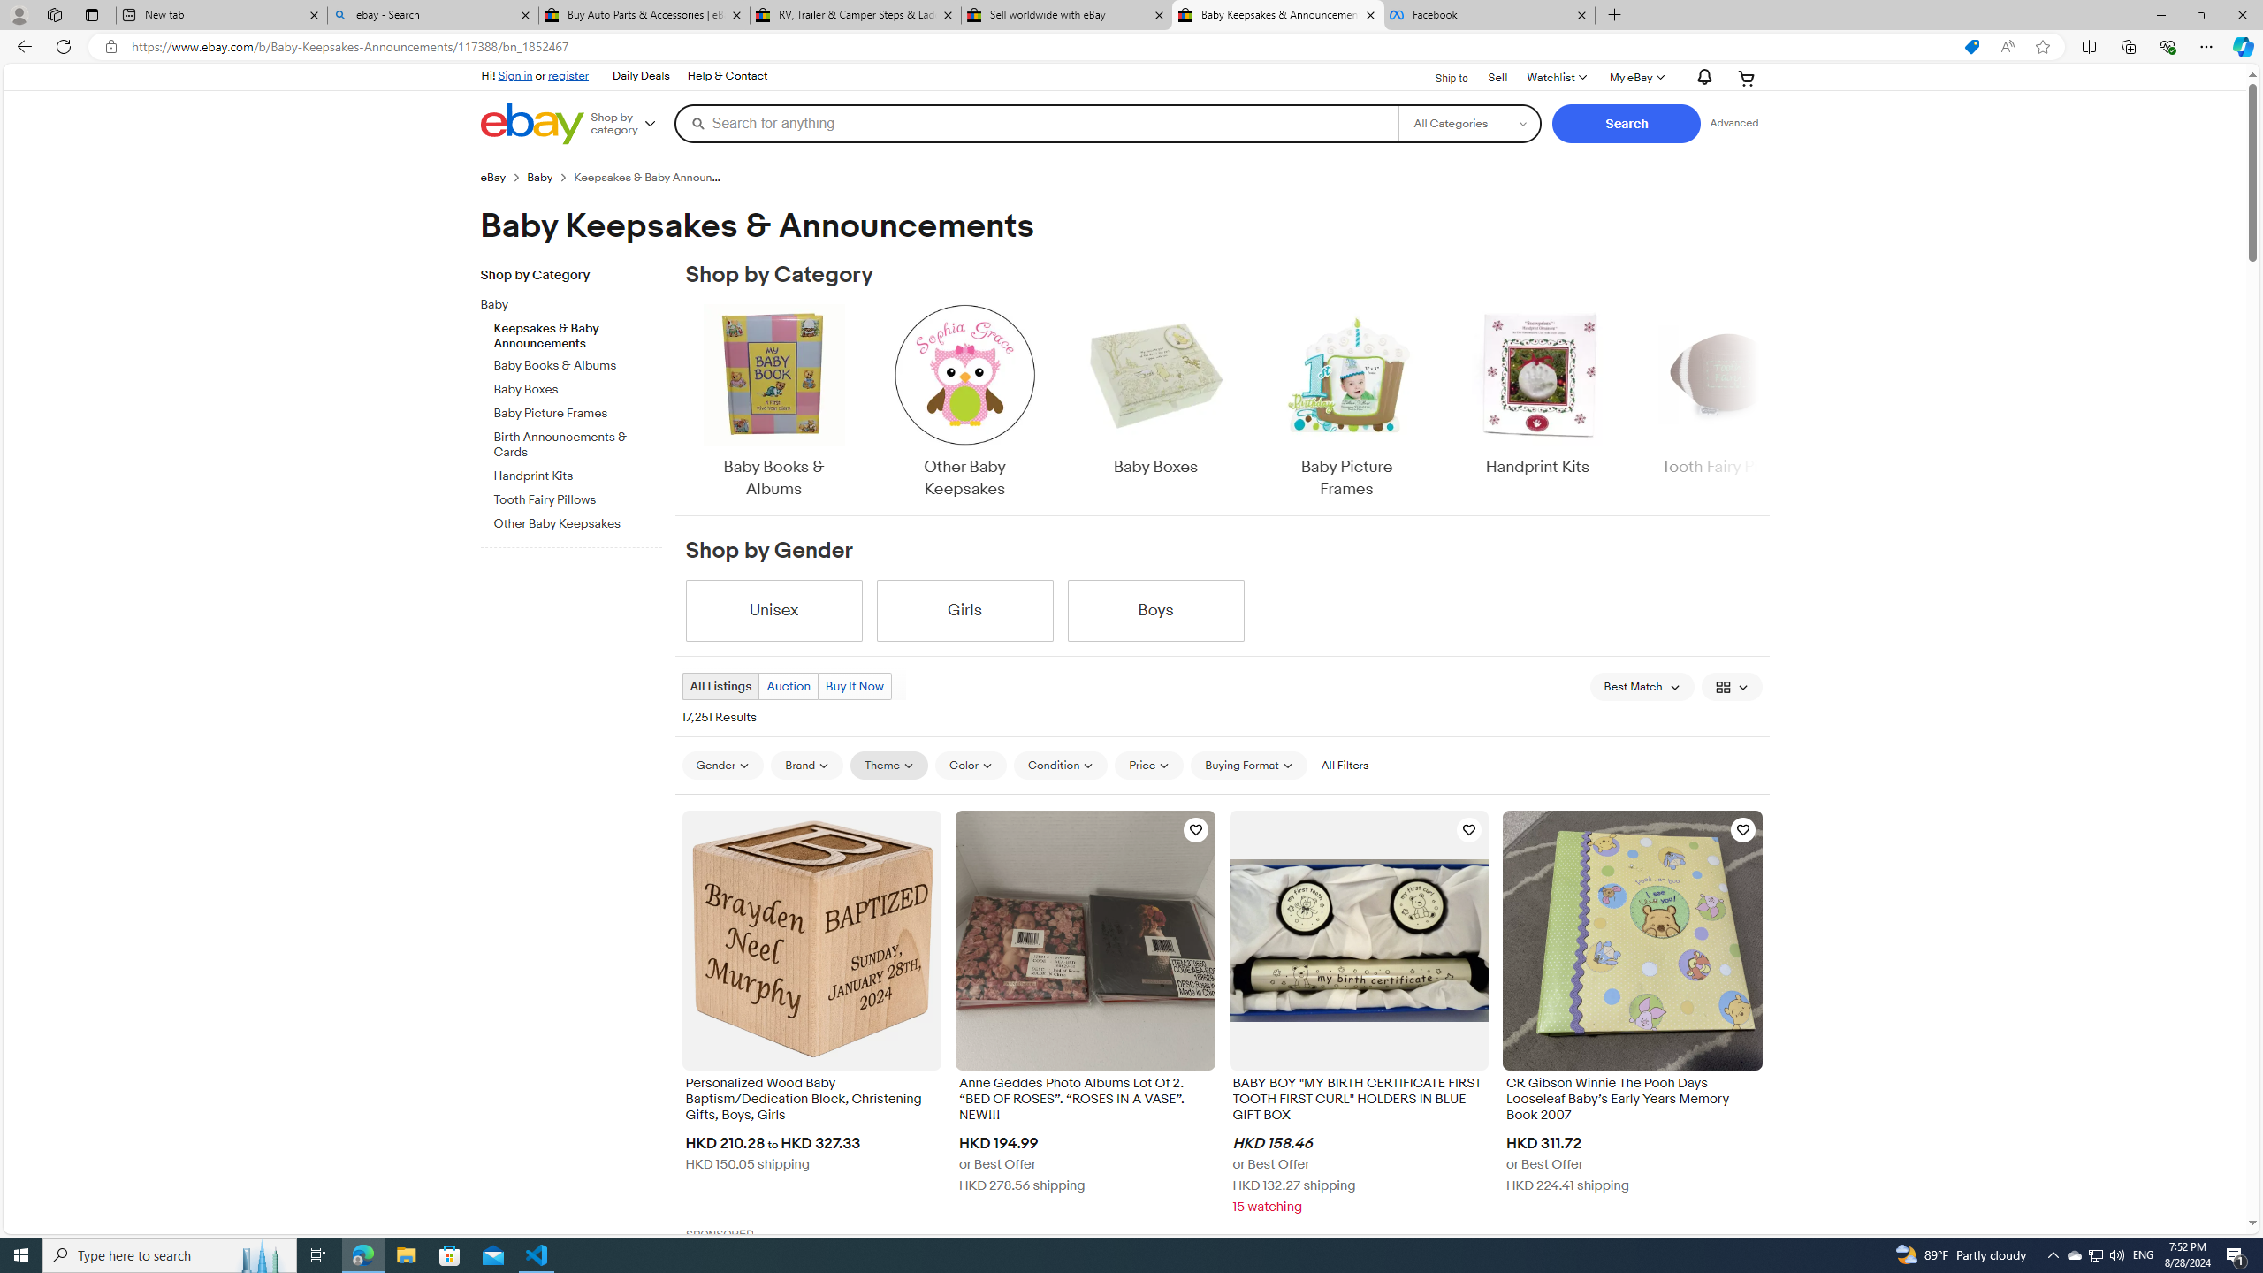  I want to click on 'Search for anything', so click(1035, 122).